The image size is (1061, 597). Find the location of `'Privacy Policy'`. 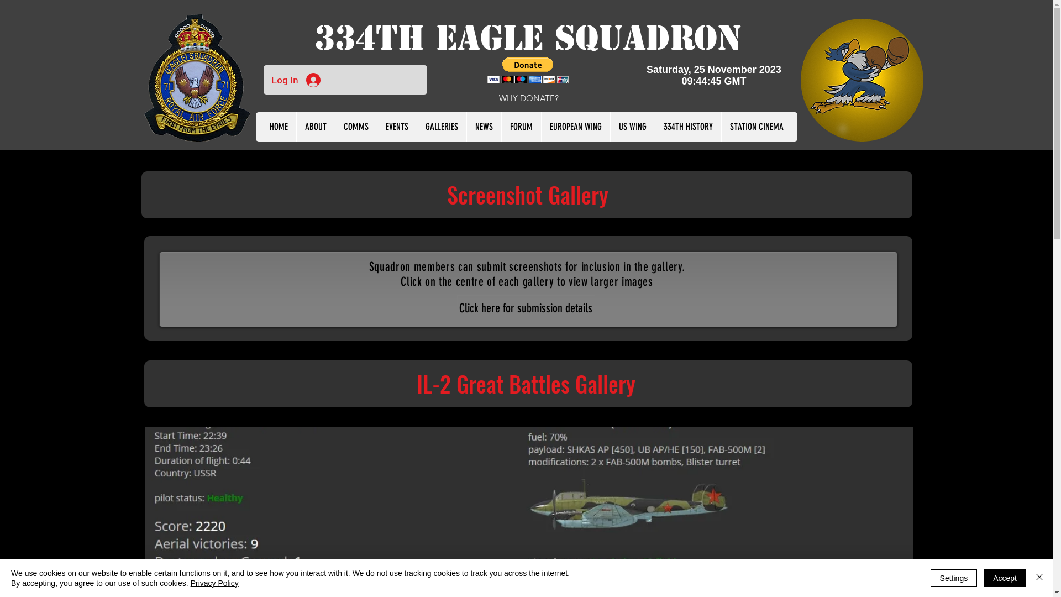

'Privacy Policy' is located at coordinates (214, 583).